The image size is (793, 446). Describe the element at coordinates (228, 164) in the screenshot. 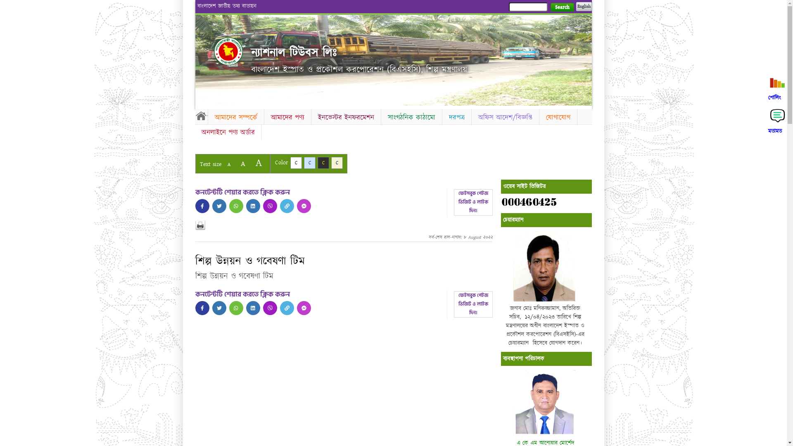

I see `'A'` at that location.